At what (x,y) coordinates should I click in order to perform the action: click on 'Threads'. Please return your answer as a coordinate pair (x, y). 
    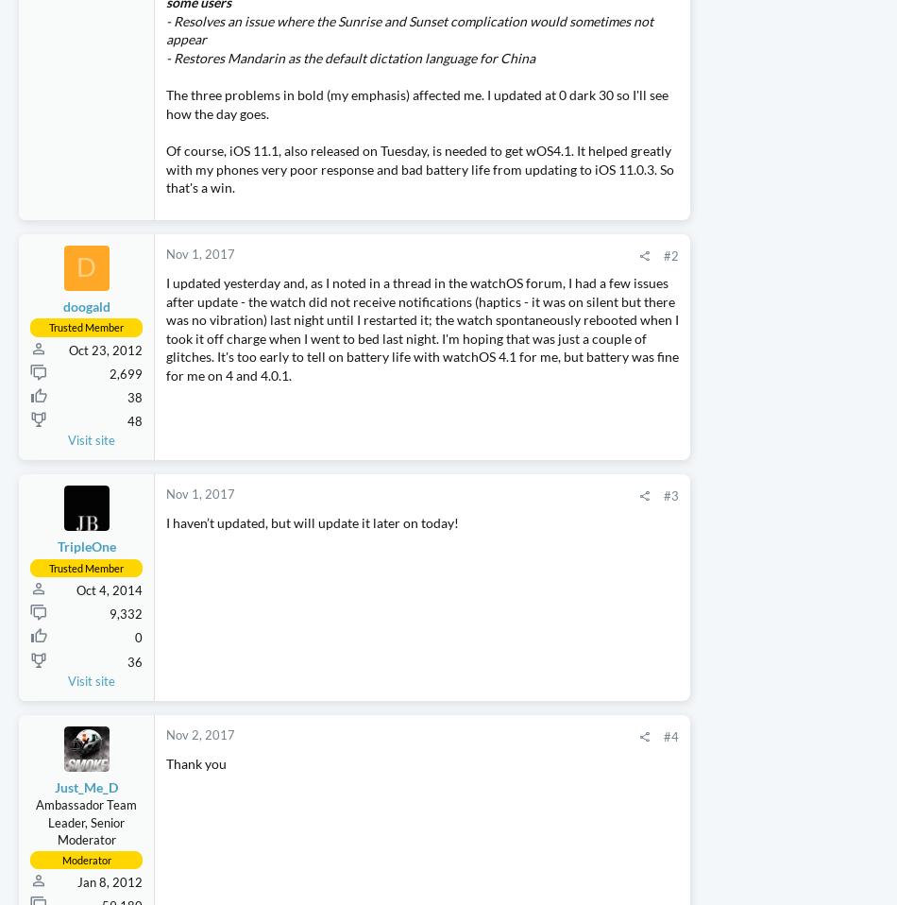
    Looking at the image, I should click on (618, 764).